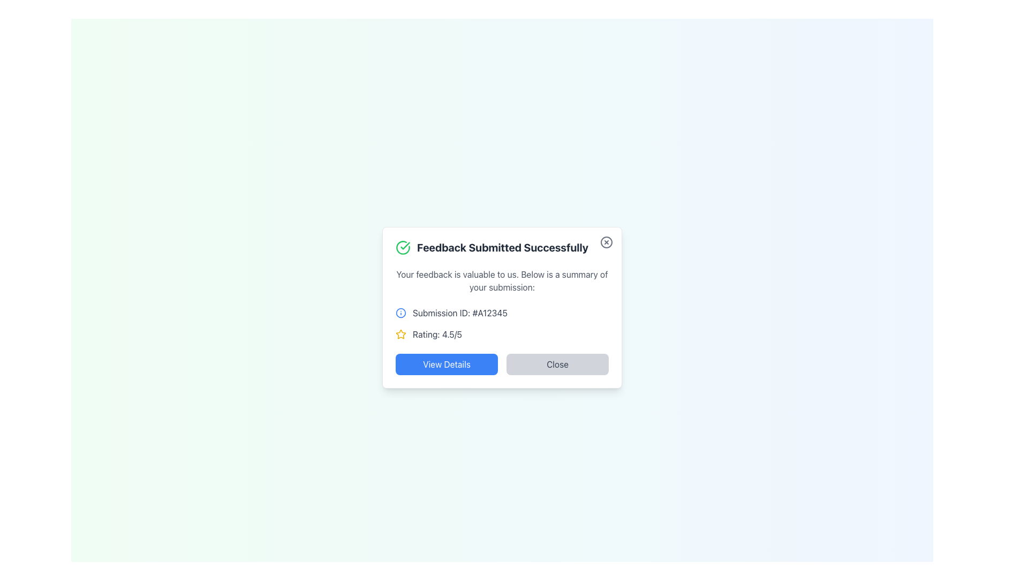  I want to click on the state of the green circular icon with a checkmark located to the left of the text 'Feedback Submitted Successfully' in the notification box, so click(403, 247).